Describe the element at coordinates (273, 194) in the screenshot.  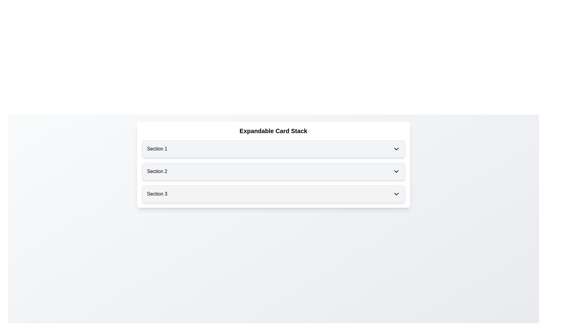
I see `the button at the bottom of the 'Expandable Card Stack'` at that location.